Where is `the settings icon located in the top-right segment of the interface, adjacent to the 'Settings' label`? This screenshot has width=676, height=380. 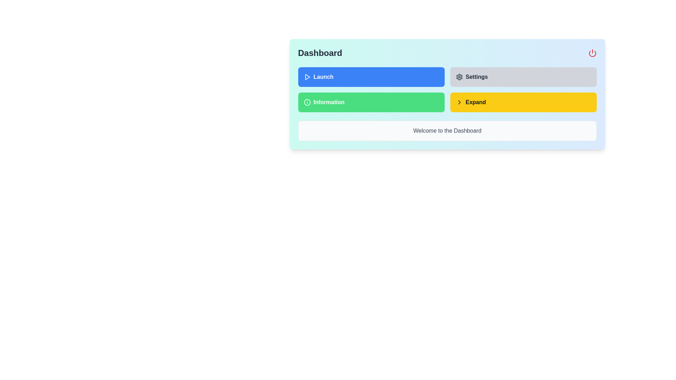
the settings icon located in the top-right segment of the interface, adjacent to the 'Settings' label is located at coordinates (459, 77).